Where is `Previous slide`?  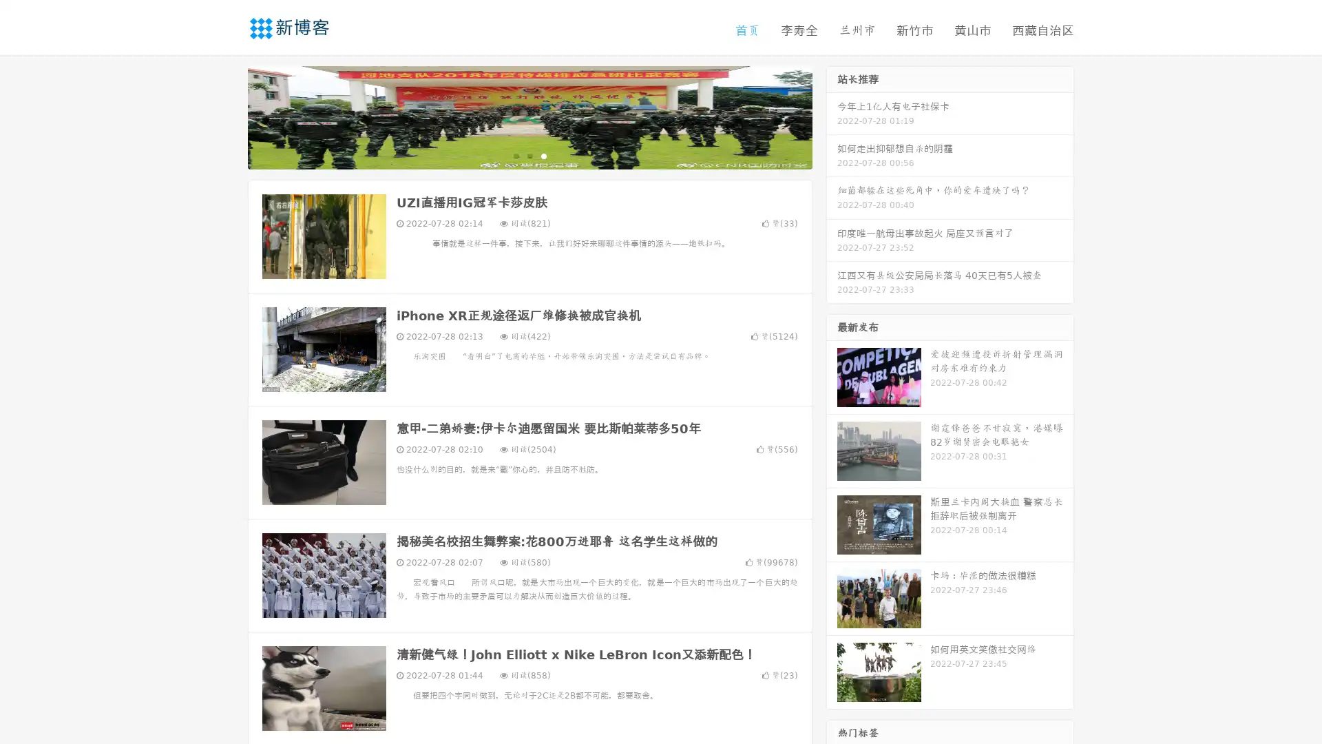
Previous slide is located at coordinates (227, 116).